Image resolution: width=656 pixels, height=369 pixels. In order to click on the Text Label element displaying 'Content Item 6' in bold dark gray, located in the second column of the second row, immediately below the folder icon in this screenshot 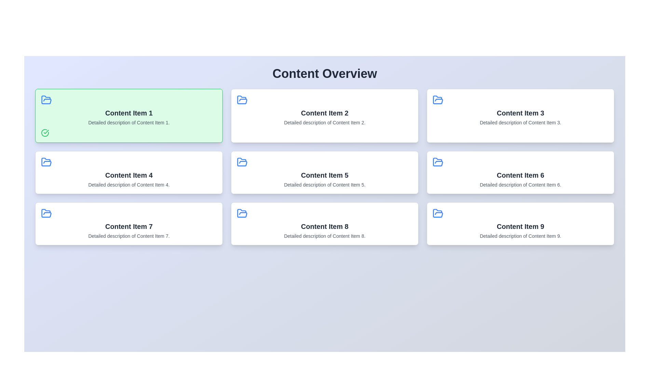, I will do `click(520, 175)`.